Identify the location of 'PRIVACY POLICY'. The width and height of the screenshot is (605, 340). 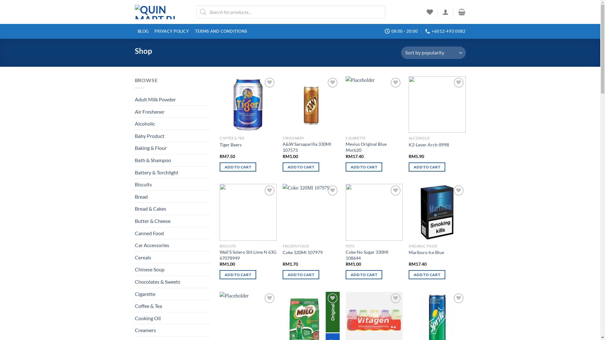
(172, 31).